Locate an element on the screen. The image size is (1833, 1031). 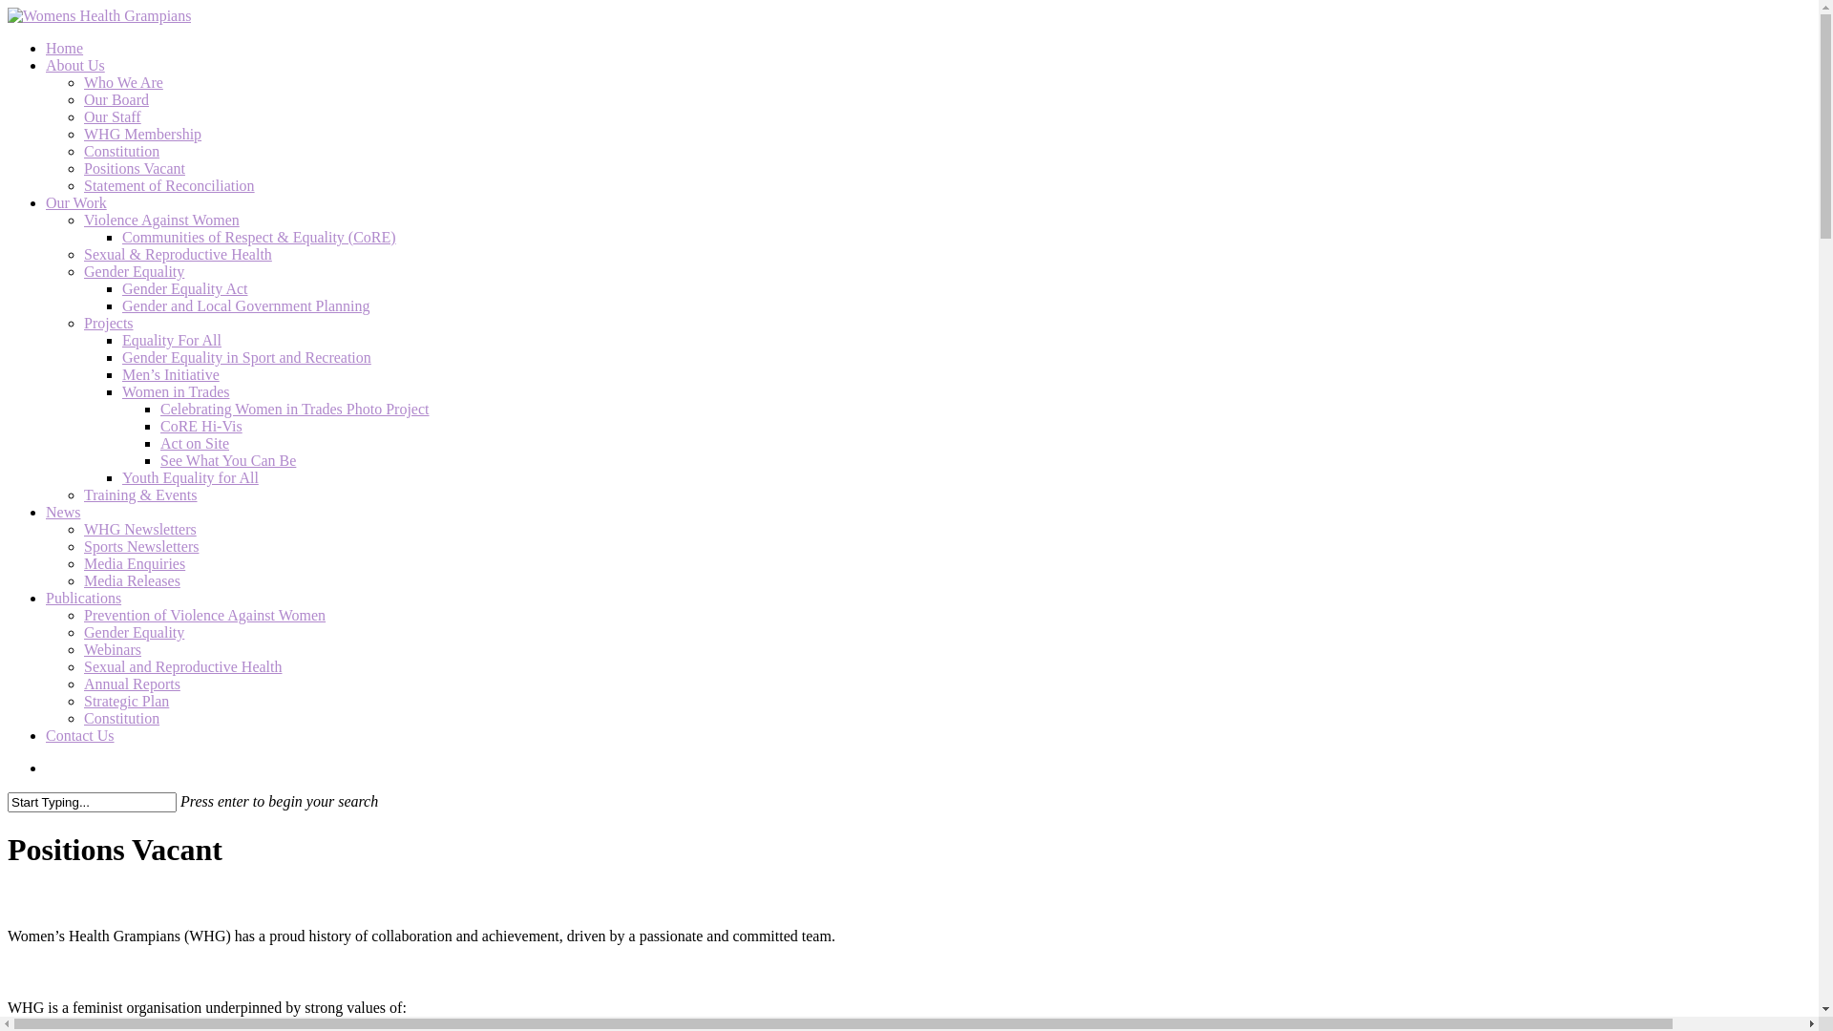
'Violence Against Women' is located at coordinates (161, 219).